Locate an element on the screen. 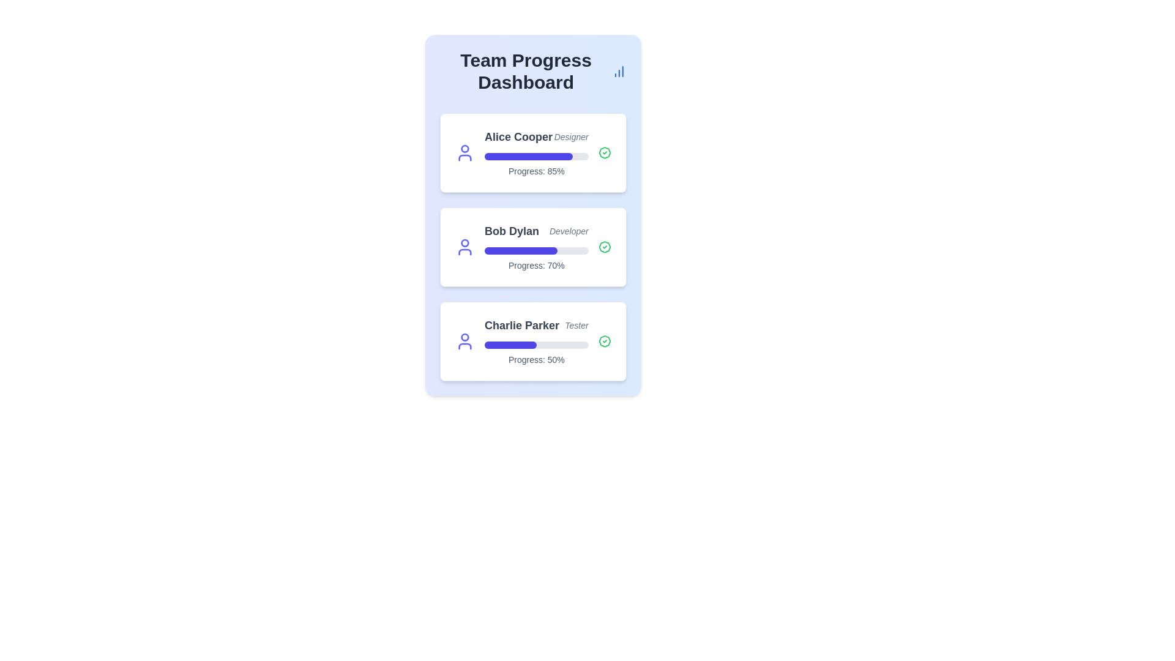 The width and height of the screenshot is (1175, 661). the heading located at the top of the dashboard, which serves as the header for the interface and is positioned above the user progress sections is located at coordinates (533, 71).